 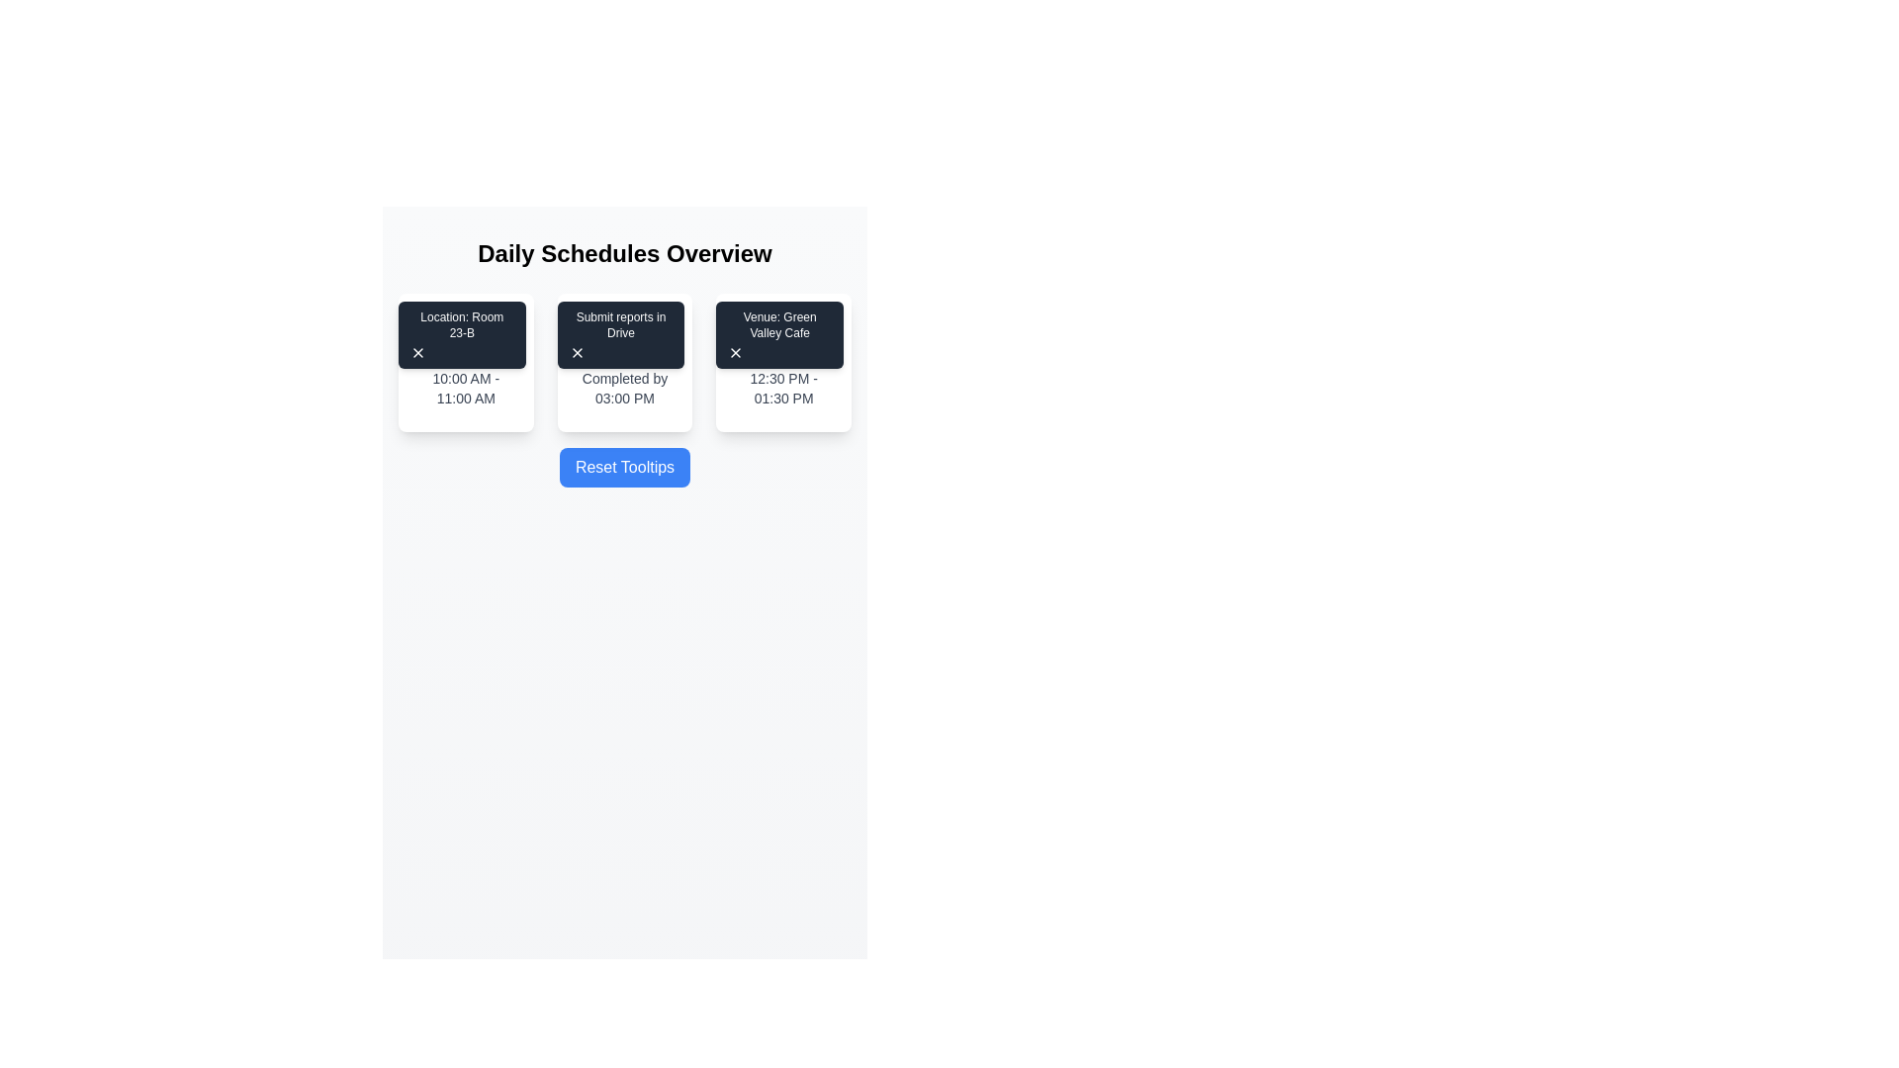 What do you see at coordinates (782, 389) in the screenshot?
I see `displayed time from the text block showing '12:30 PM - 01:30 PM' located below the 'Team Lunch' text in the third card of the 'Daily Schedules Overview' section` at bounding box center [782, 389].